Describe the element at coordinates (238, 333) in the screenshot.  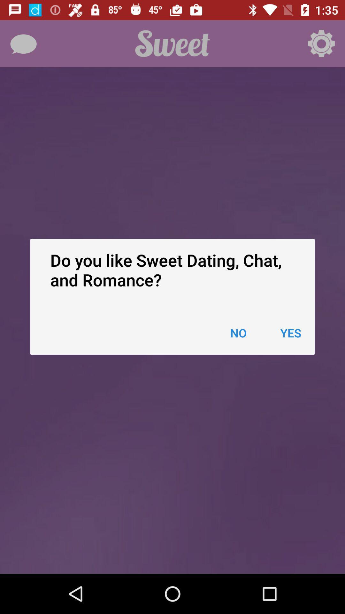
I see `the icon next to the yes item` at that location.